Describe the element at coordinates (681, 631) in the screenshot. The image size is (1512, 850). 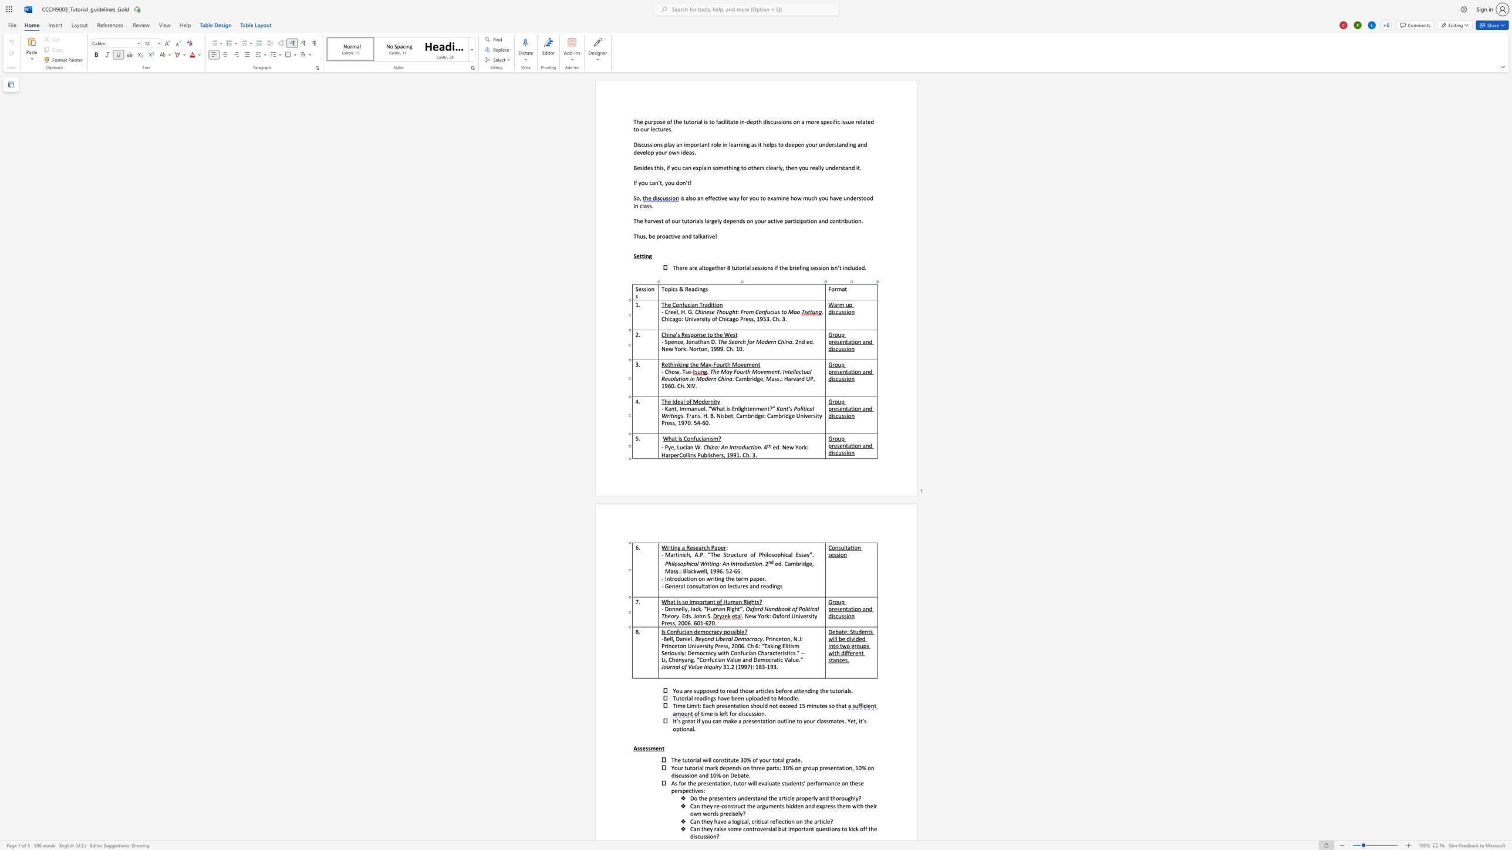
I see `the space between the continuous character "u" and "c" in the text` at that location.